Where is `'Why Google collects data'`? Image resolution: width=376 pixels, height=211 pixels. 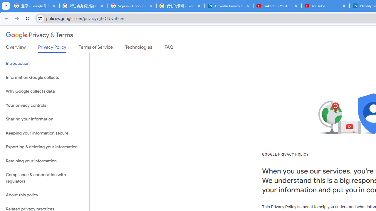
'Why Google collects data' is located at coordinates (44, 91).